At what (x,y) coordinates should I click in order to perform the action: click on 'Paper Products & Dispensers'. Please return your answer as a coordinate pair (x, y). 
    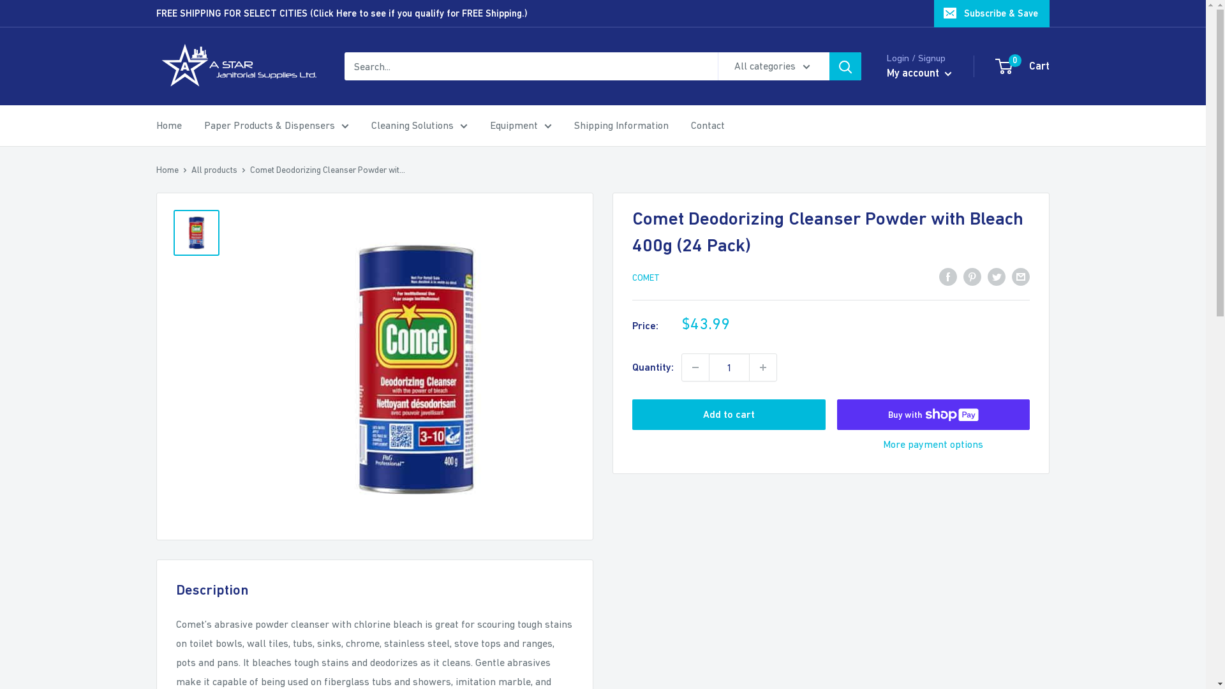
    Looking at the image, I should click on (276, 125).